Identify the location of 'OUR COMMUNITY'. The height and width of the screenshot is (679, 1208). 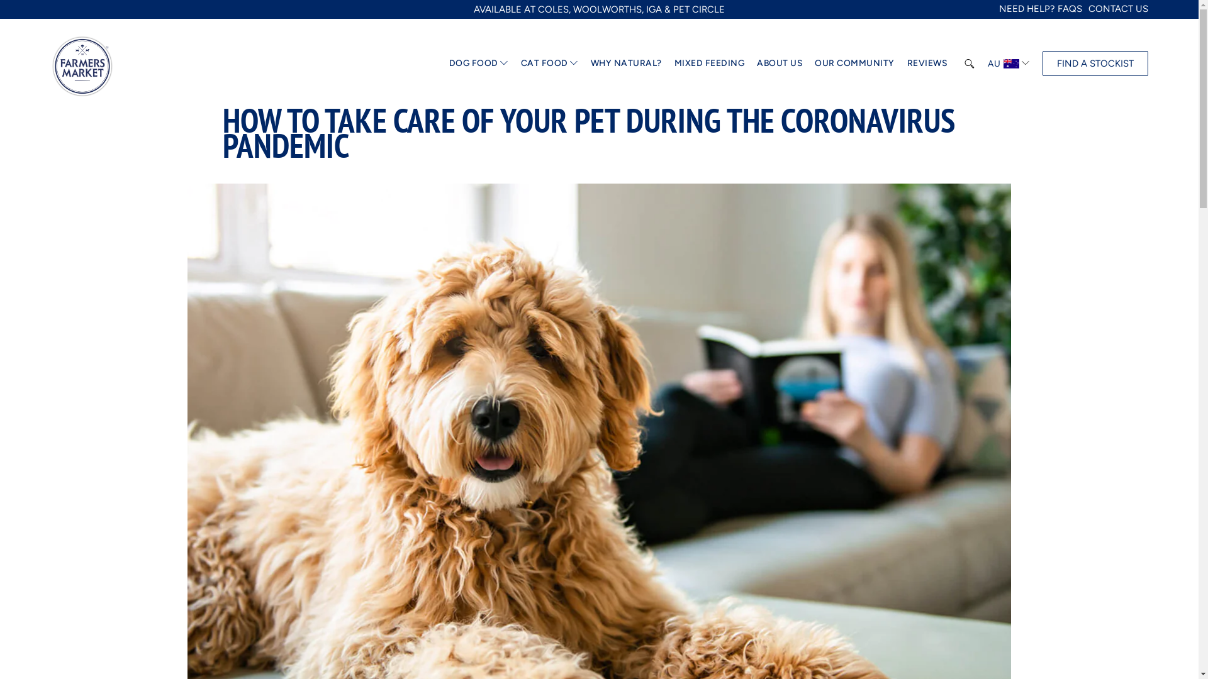
(854, 63).